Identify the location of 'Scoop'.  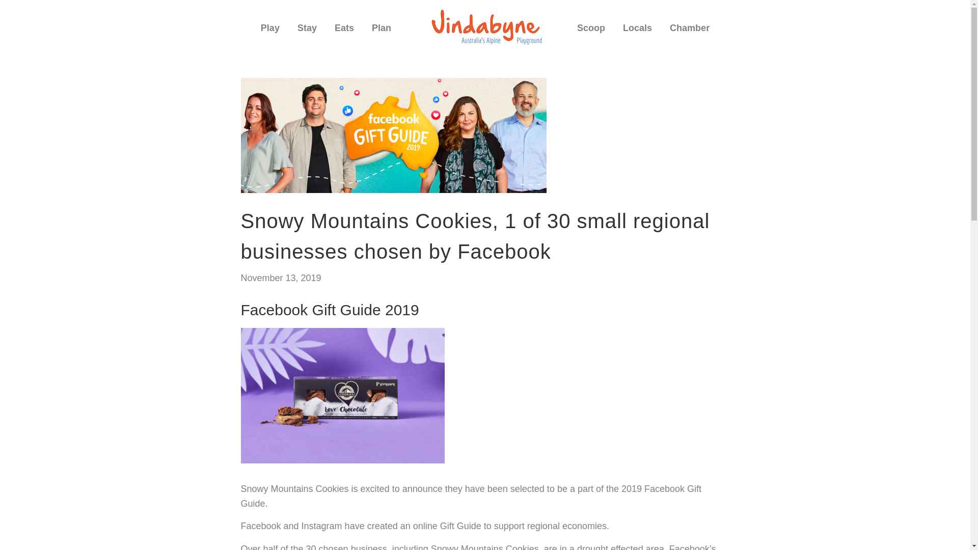
(591, 32).